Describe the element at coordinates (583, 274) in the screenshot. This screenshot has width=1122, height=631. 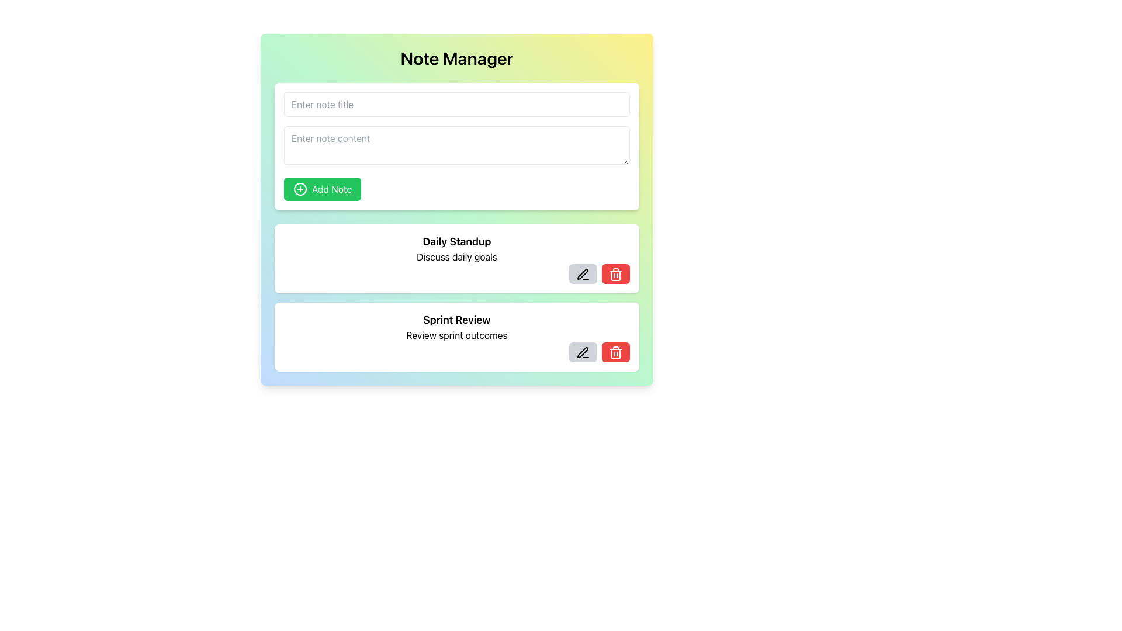
I see `the edit button located to the left of the red delete button in the 'Sprint Review' note to initiate editing` at that location.